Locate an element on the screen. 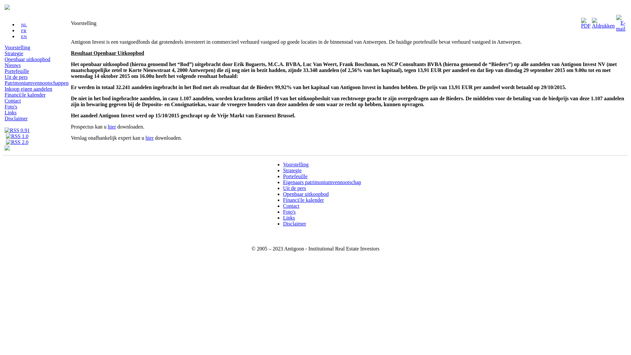 This screenshot has width=631, height=355. 'Openbaar uitkoopbod' is located at coordinates (27, 59).